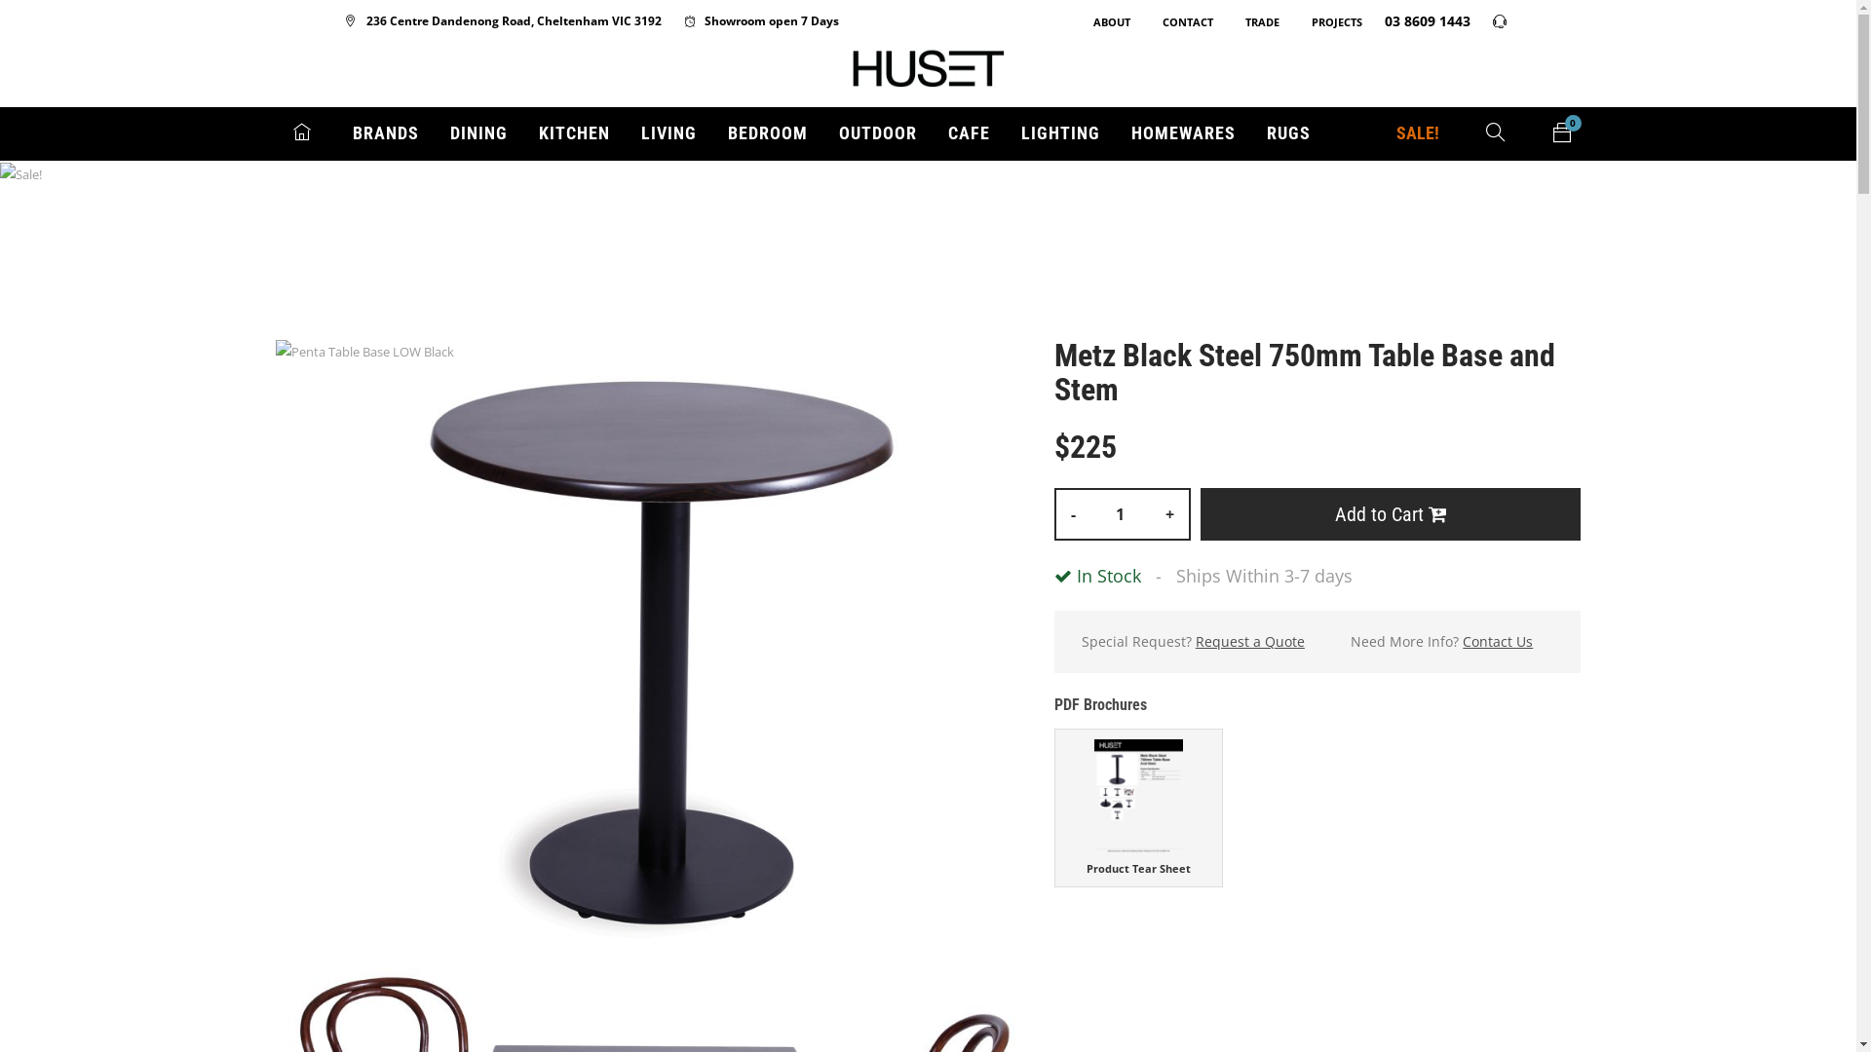  Describe the element at coordinates (1224, 21) in the screenshot. I see `'TRADE'` at that location.